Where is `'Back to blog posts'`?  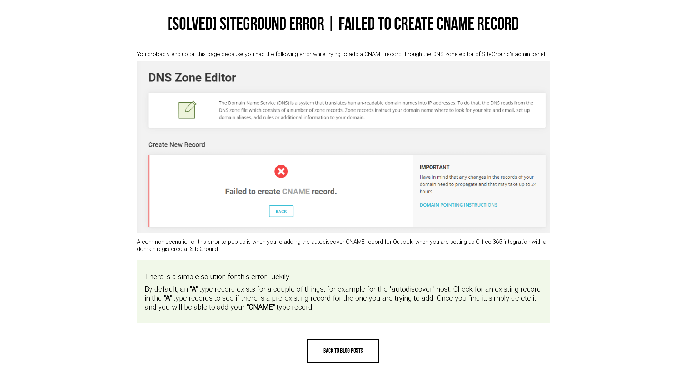
'Back to blog posts' is located at coordinates (343, 351).